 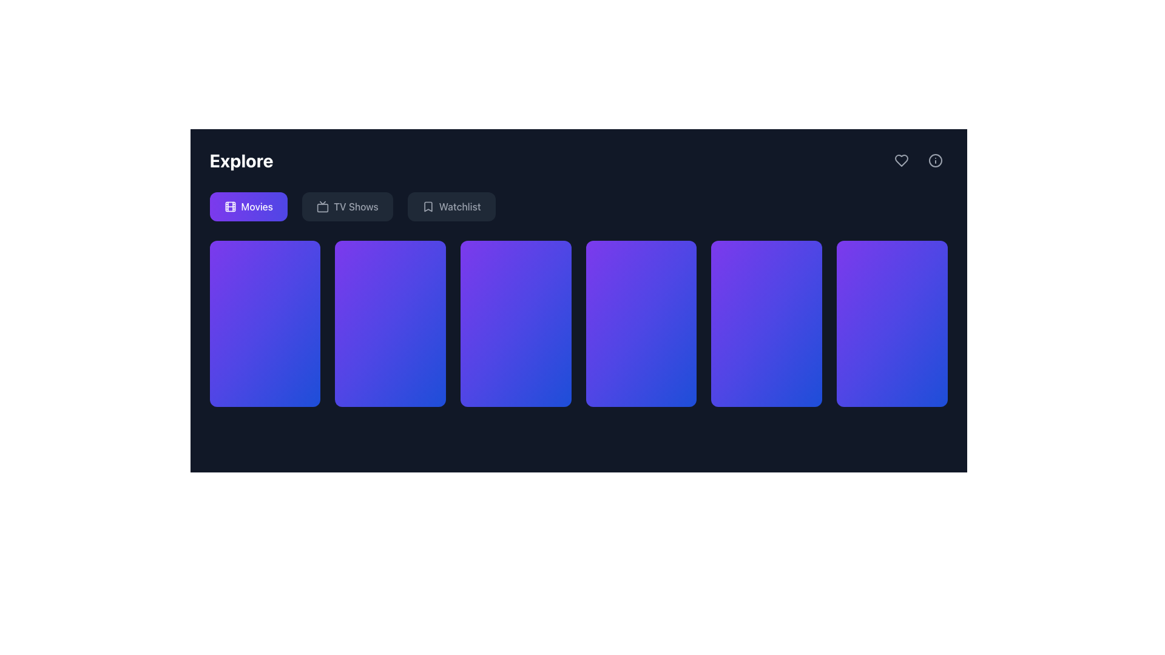 I want to click on the 'Movies' text label located within the rounded rectangular button on the far left of the action bar, which is positioned under the 'Explore' title in the horizontal navigation menu, so click(x=256, y=206).